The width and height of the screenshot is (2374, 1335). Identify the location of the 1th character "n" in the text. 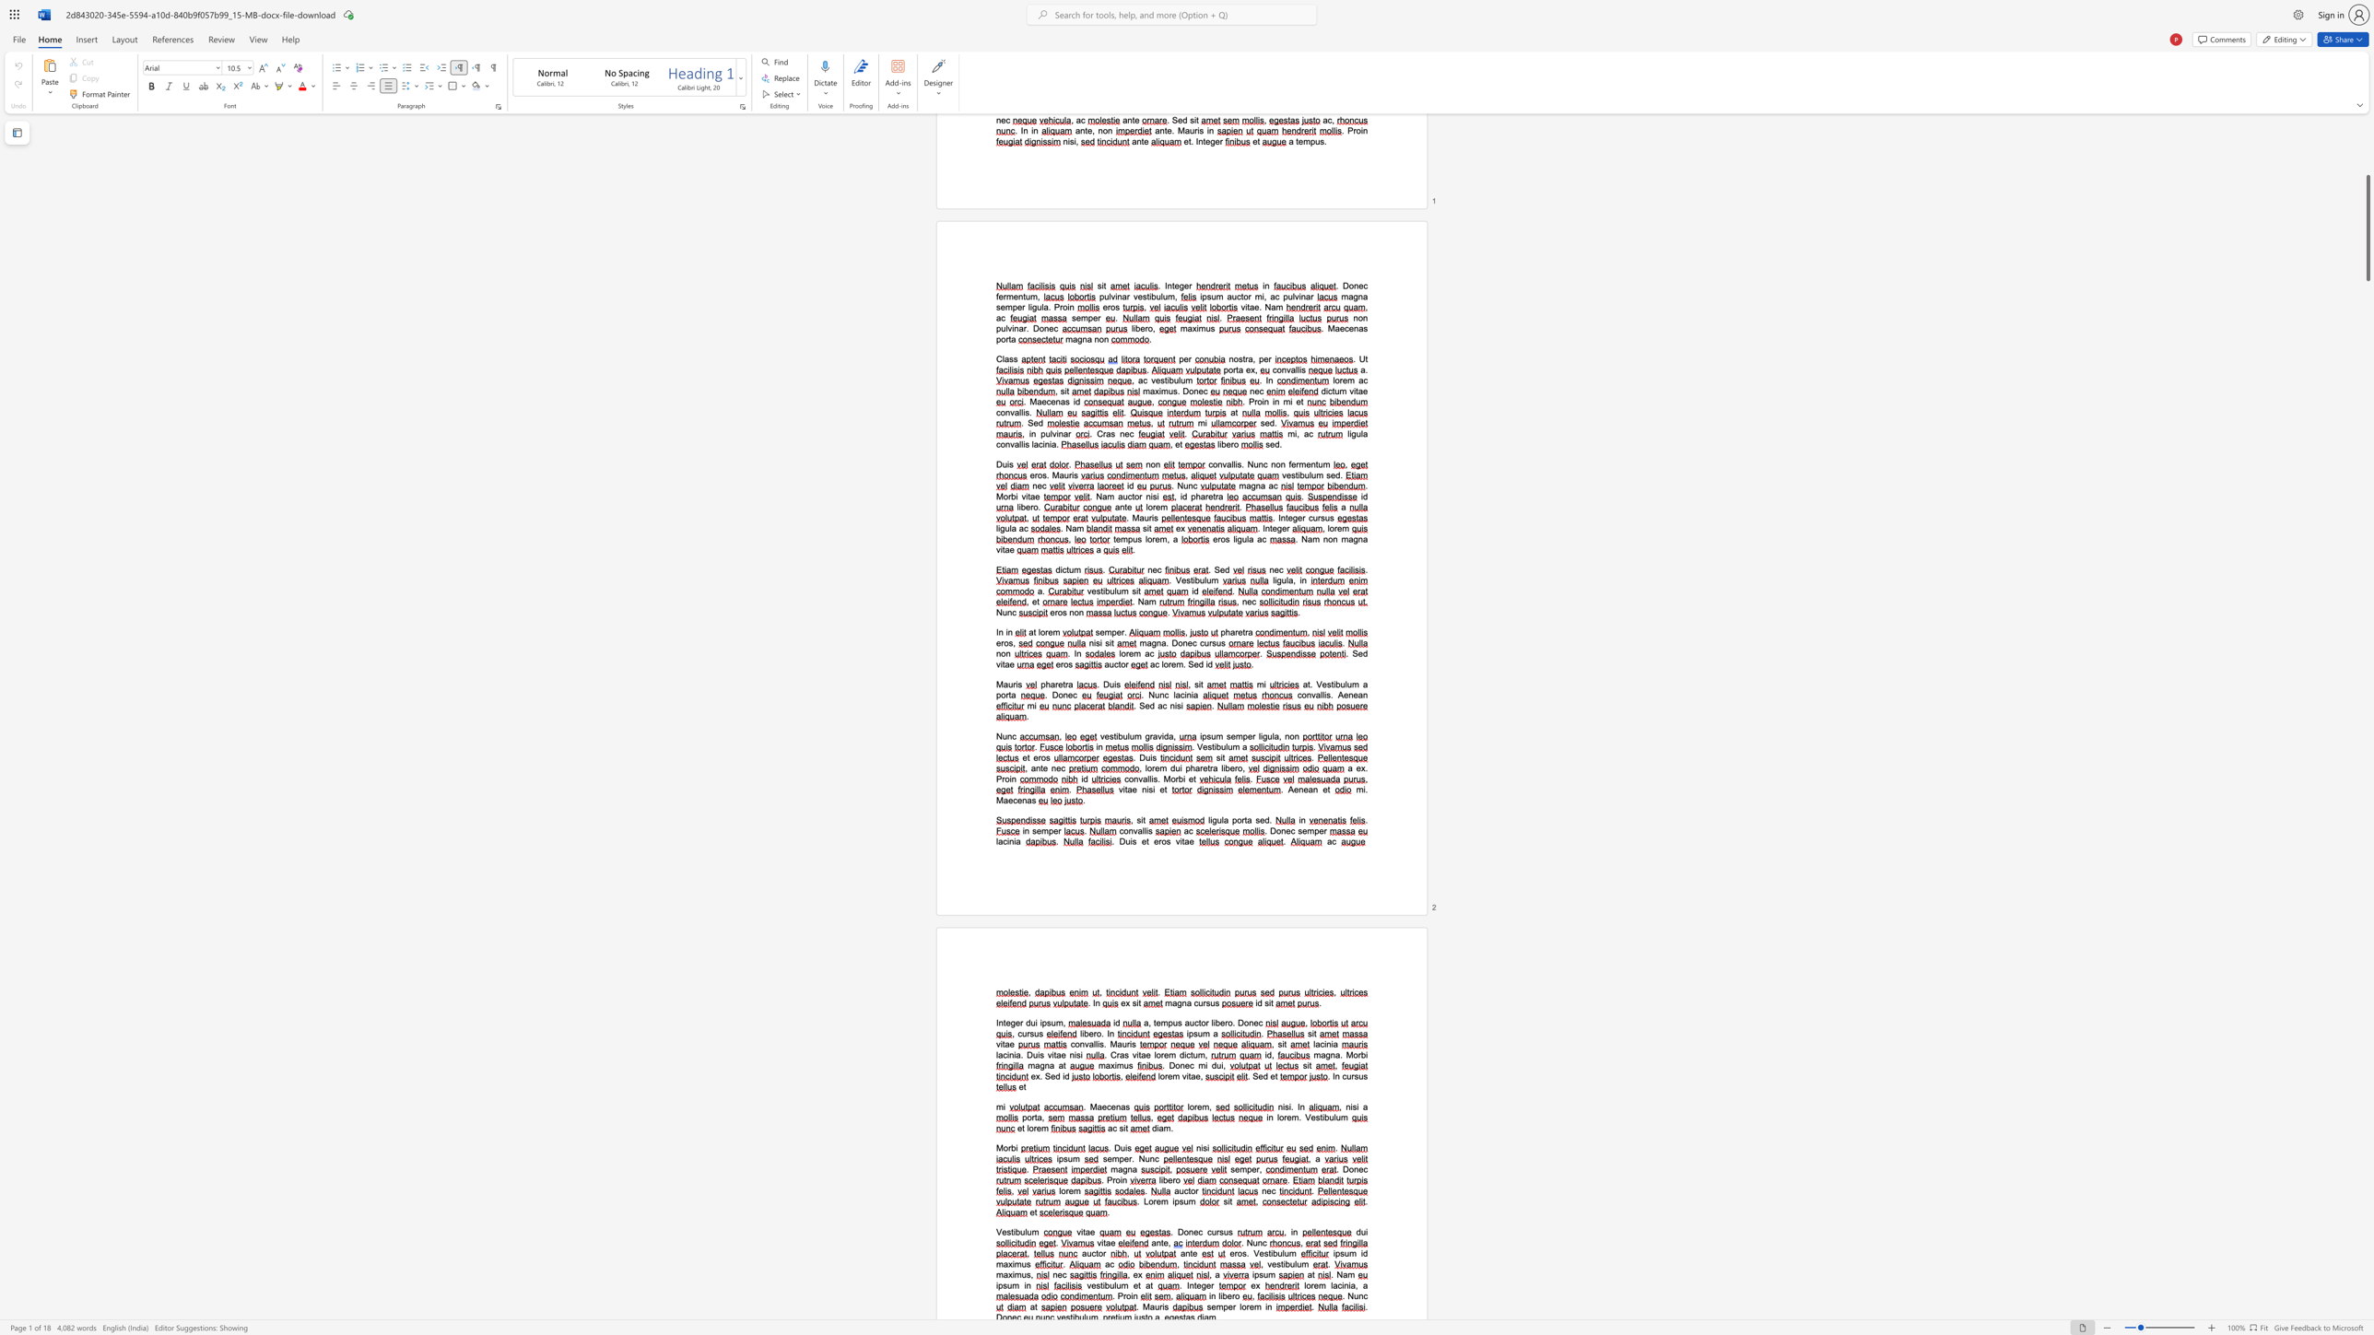
(1287, 735).